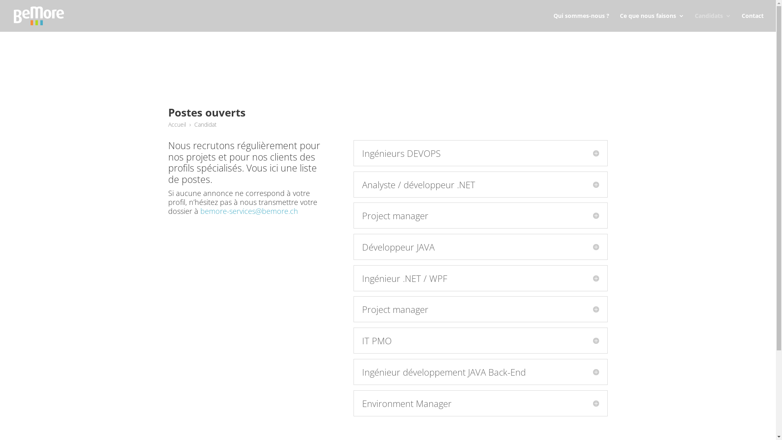 This screenshot has width=782, height=440. Describe the element at coordinates (205, 124) in the screenshot. I see `'Candidat'` at that location.